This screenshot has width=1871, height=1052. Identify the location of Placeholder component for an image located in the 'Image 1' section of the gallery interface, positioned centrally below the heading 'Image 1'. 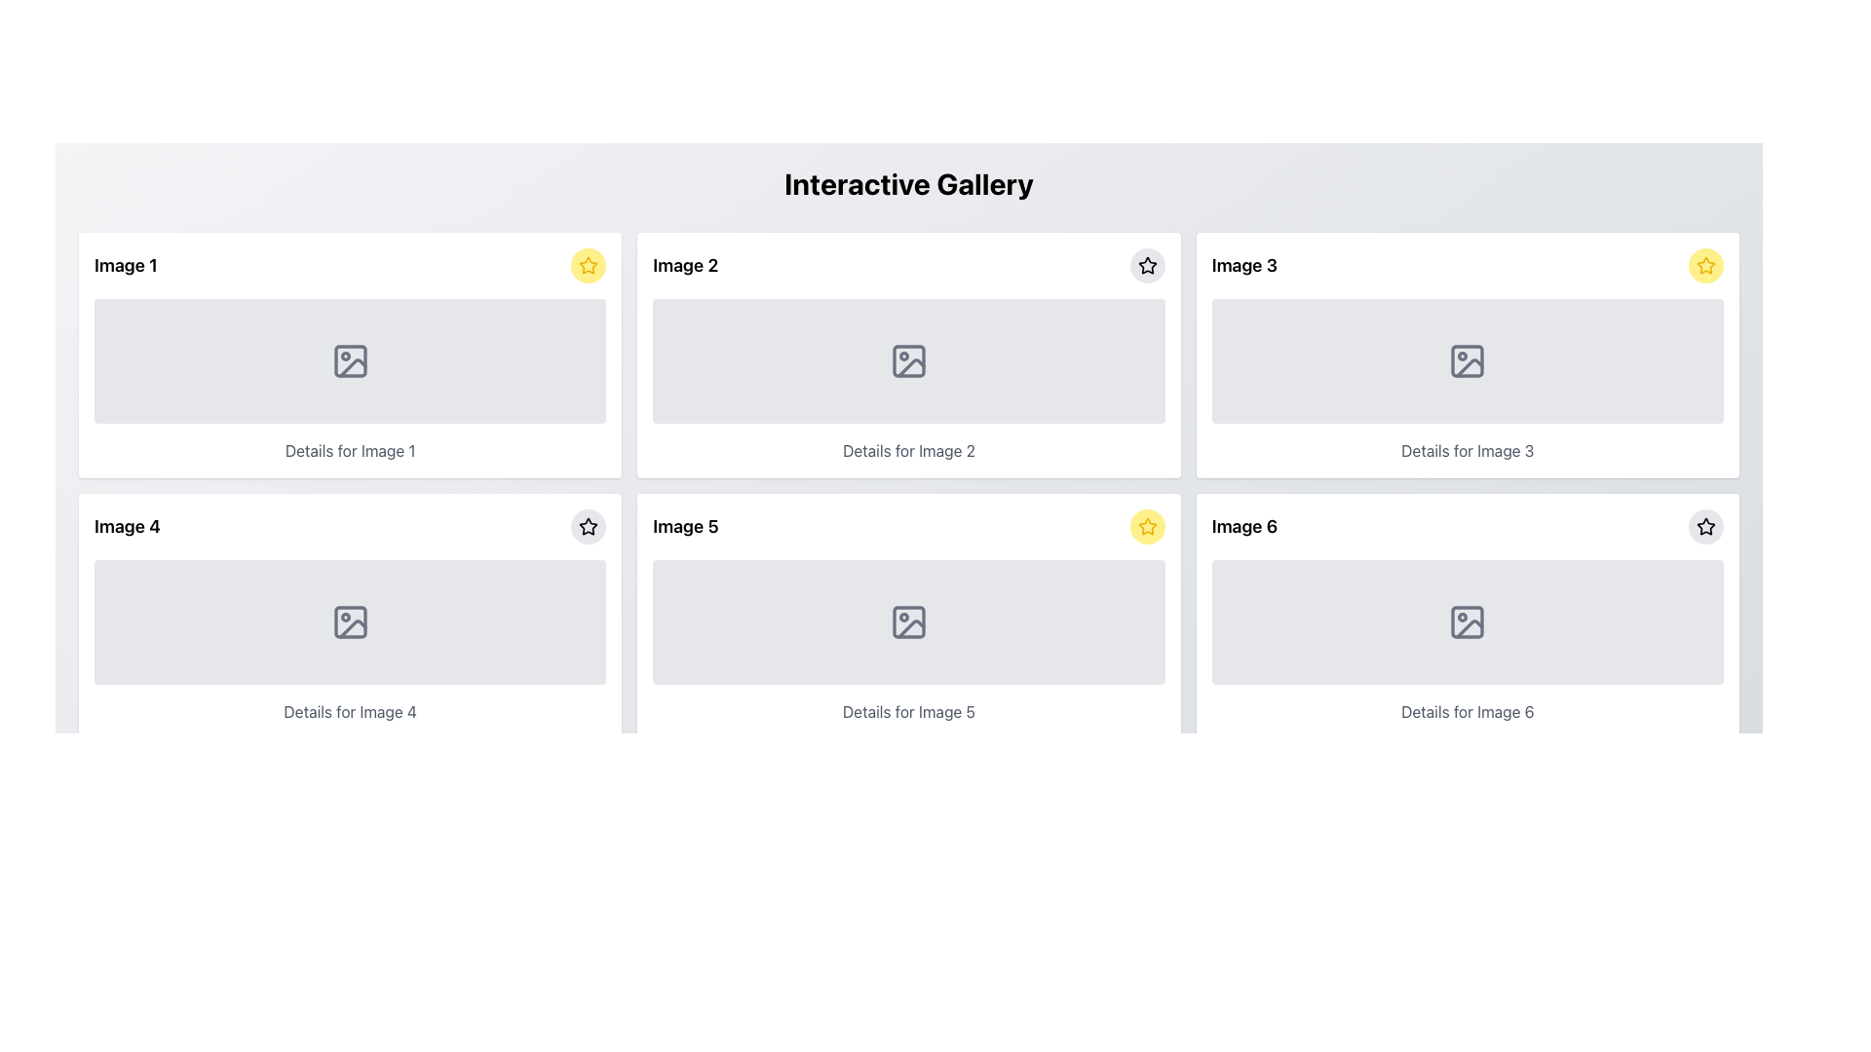
(350, 360).